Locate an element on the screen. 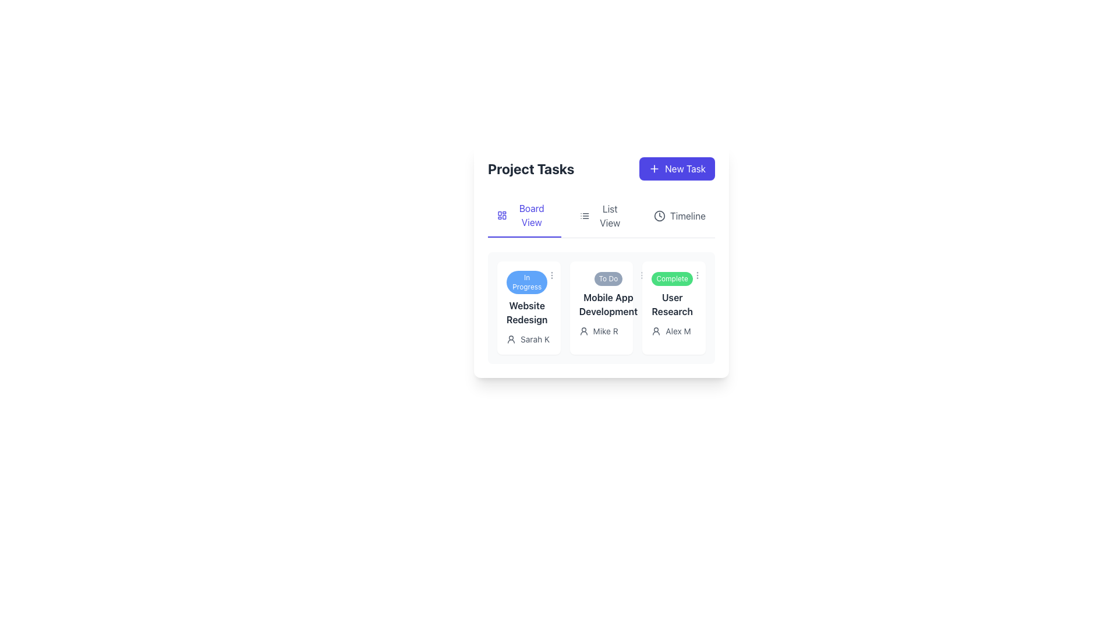 The width and height of the screenshot is (1118, 629). the list-style view icon, which depicts three horizontal lines with dots is located at coordinates (584, 215).